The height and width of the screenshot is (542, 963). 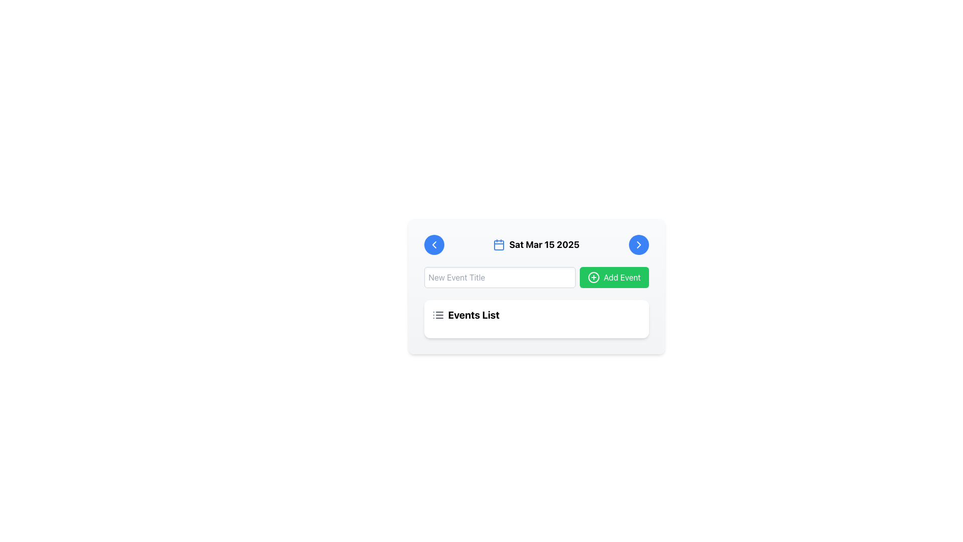 I want to click on the bold and large text label displaying the date 'Sat Mar 15 2025' located in the upper central part of the interface to trigger the tooltip or additional information, so click(x=544, y=245).